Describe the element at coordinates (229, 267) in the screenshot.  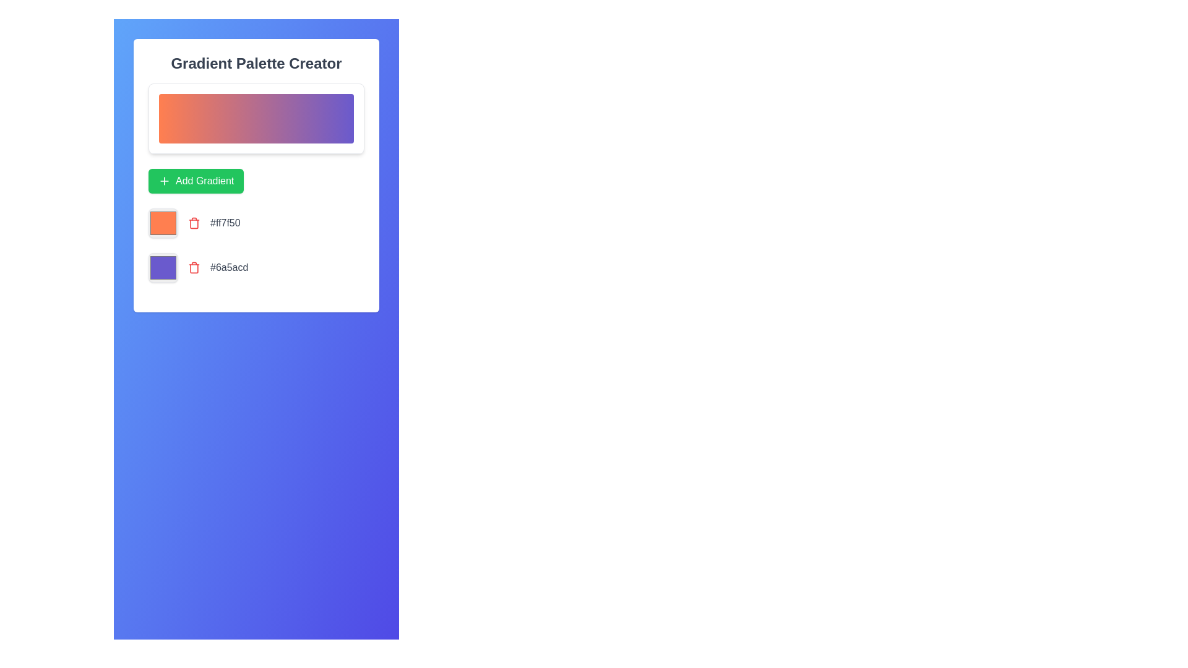
I see `the text displaying the hexadecimal color code for the purple color swatch in the palette manager by clicking on it to prepare for copying` at that location.